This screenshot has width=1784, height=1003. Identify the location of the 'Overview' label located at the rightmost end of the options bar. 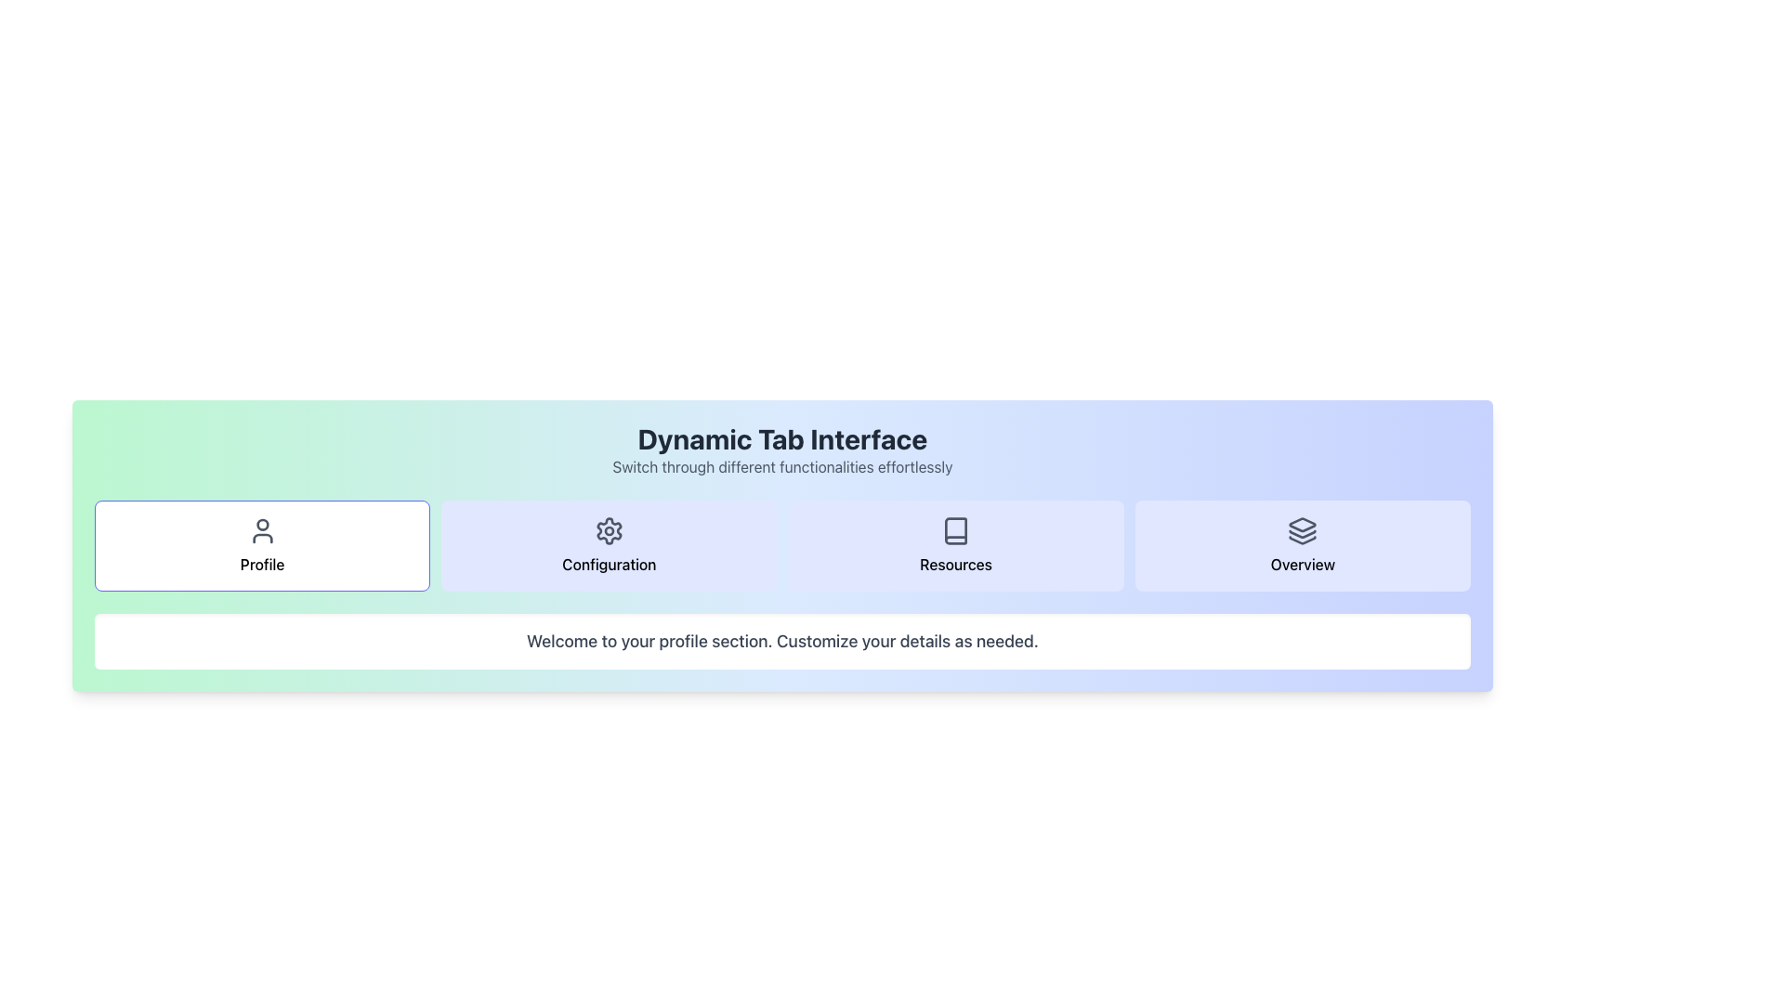
(1302, 564).